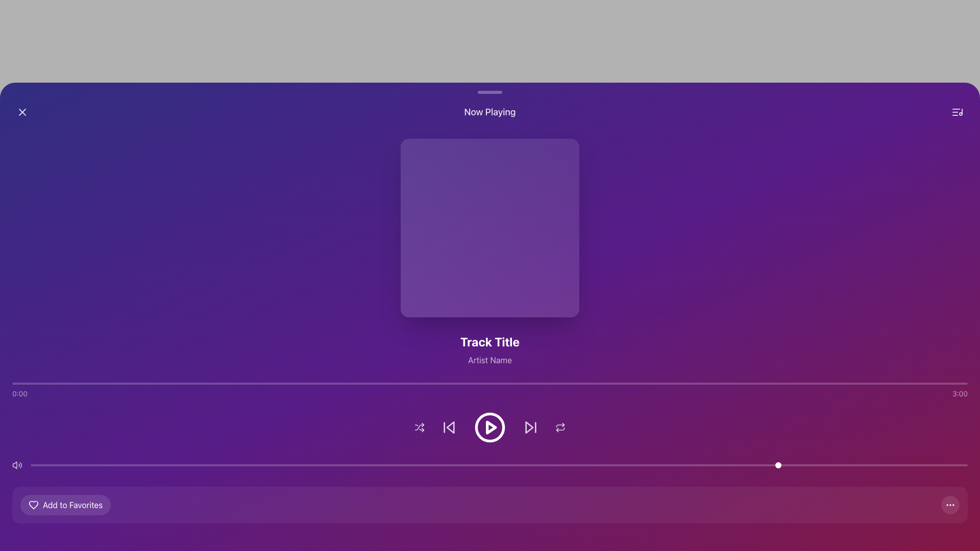 The width and height of the screenshot is (980, 551). I want to click on the volume control icon button located at the leftmost end of the volume control section, so click(17, 465).